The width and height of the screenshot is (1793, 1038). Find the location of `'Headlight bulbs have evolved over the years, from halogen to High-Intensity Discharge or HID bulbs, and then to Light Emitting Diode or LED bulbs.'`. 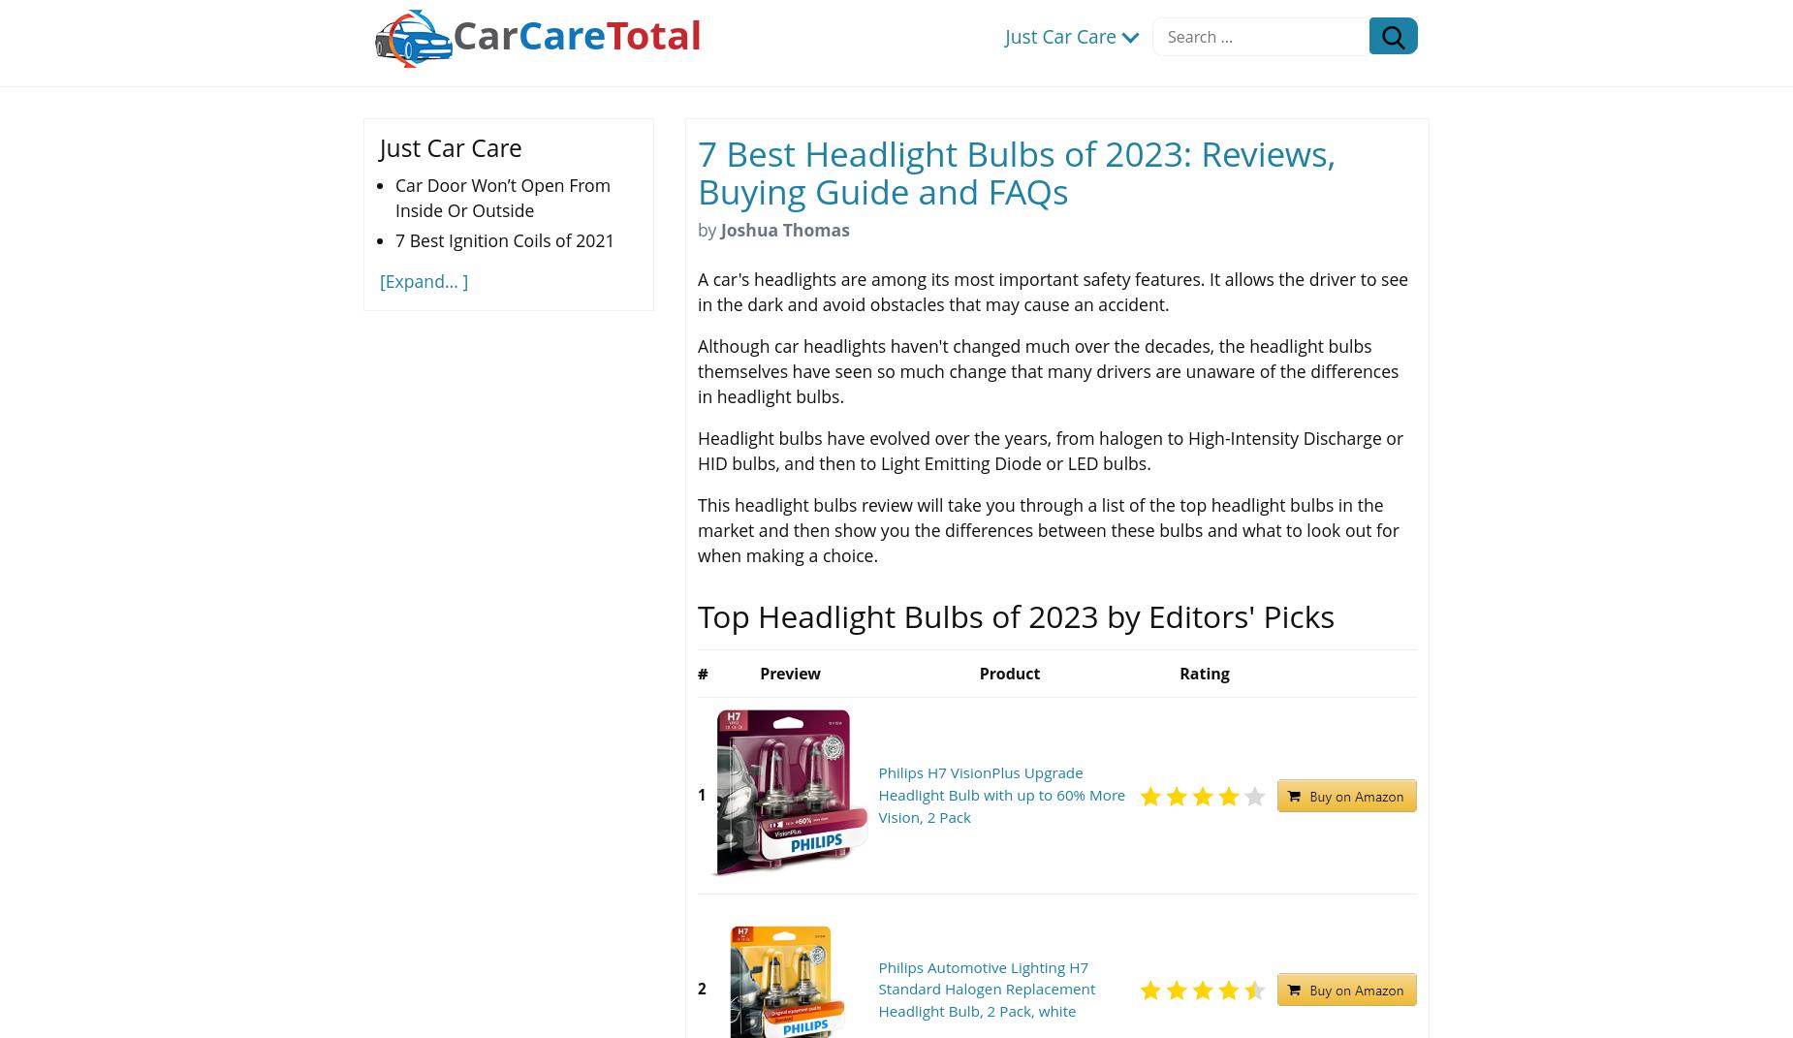

'Headlight bulbs have evolved over the years, from halogen to High-Intensity Discharge or HID bulbs, and then to Light Emitting Diode or LED bulbs.' is located at coordinates (698, 449).